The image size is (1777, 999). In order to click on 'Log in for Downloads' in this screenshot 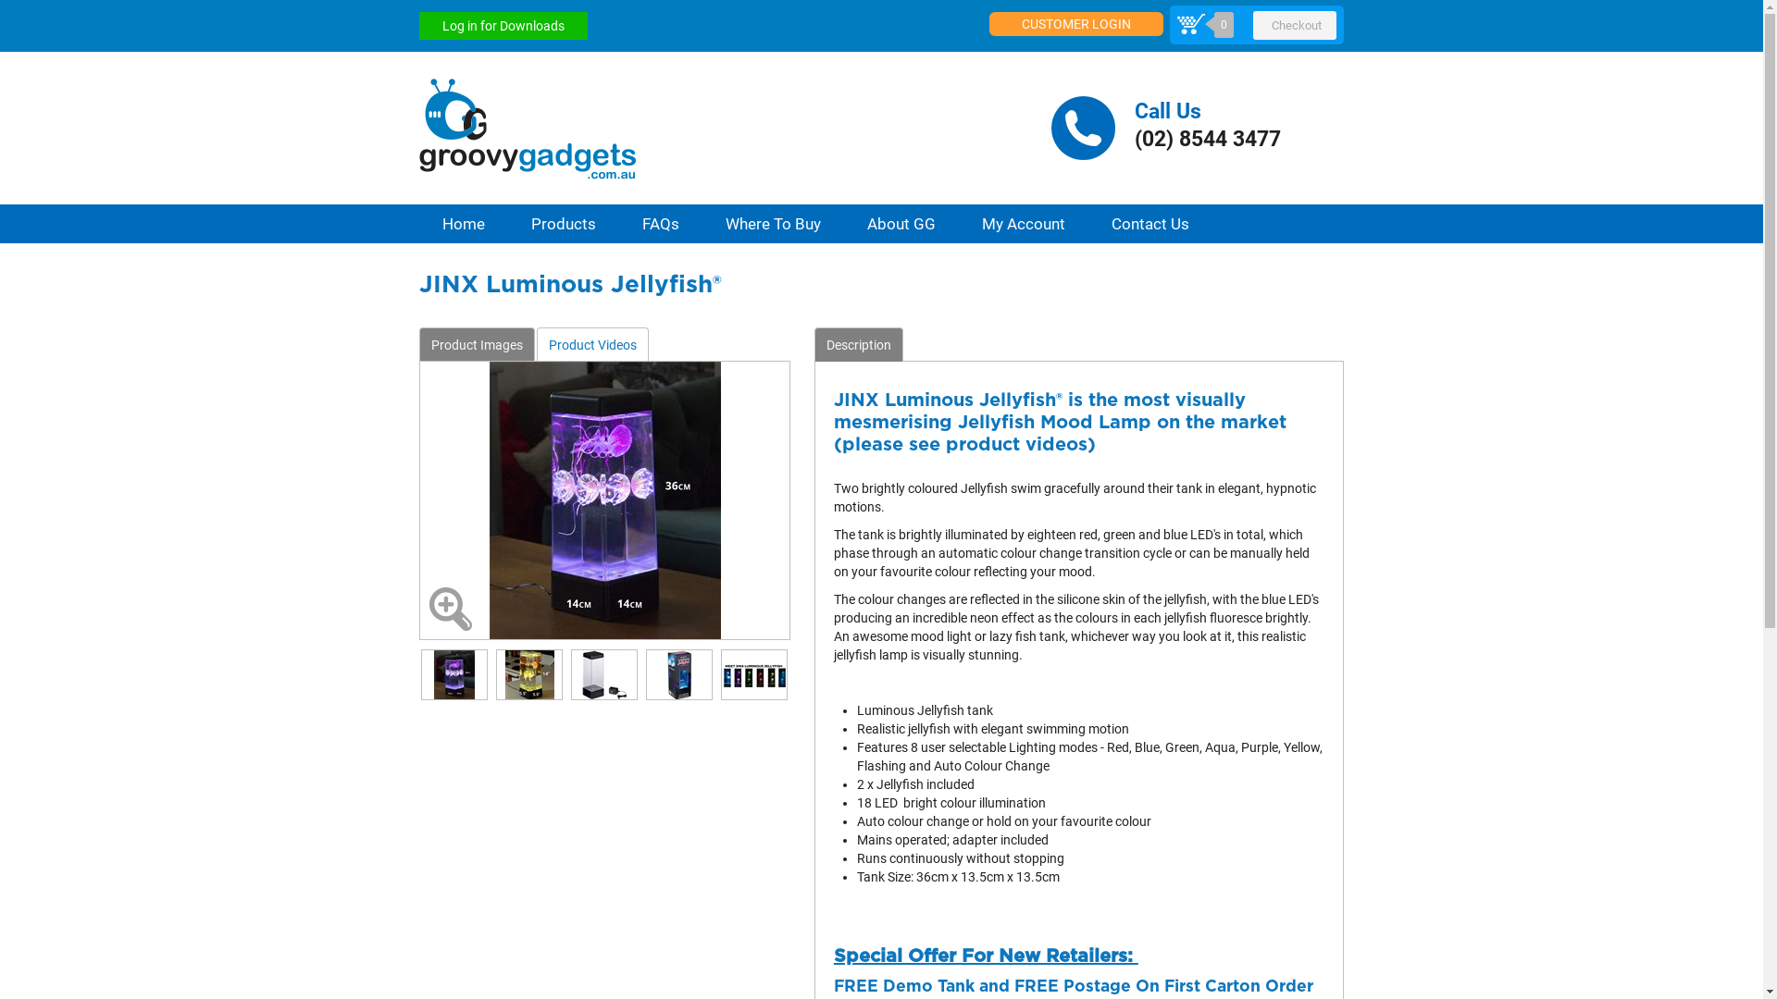, I will do `click(502, 25)`.